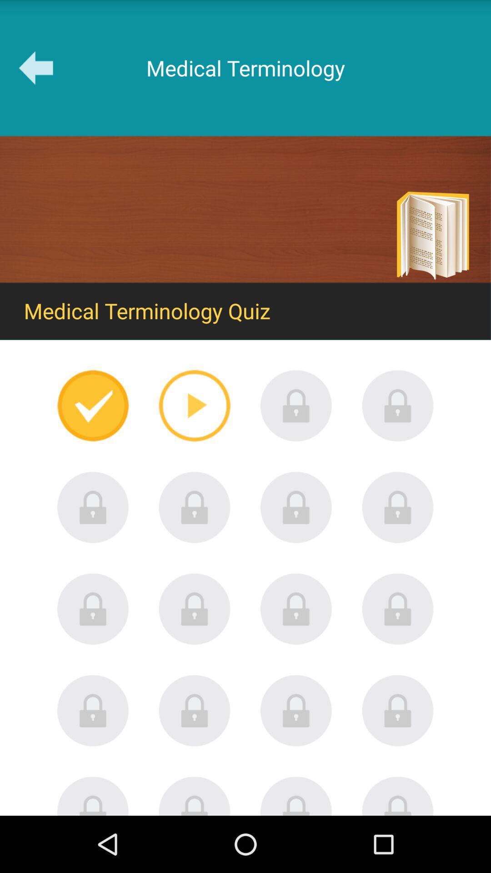 This screenshot has width=491, height=873. Describe the element at coordinates (93, 651) in the screenshot. I see `the lock icon` at that location.